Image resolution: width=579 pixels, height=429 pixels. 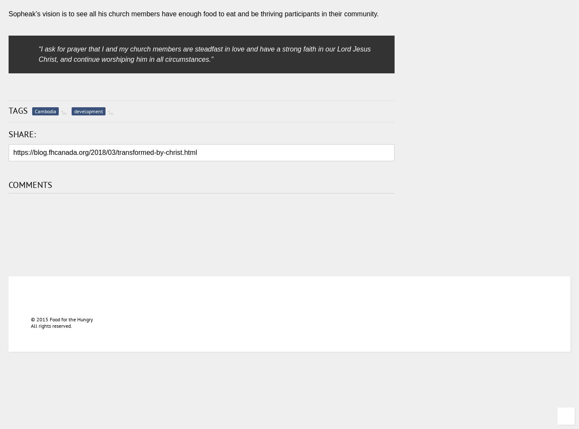 What do you see at coordinates (21, 134) in the screenshot?
I see `'SHARE:'` at bounding box center [21, 134].